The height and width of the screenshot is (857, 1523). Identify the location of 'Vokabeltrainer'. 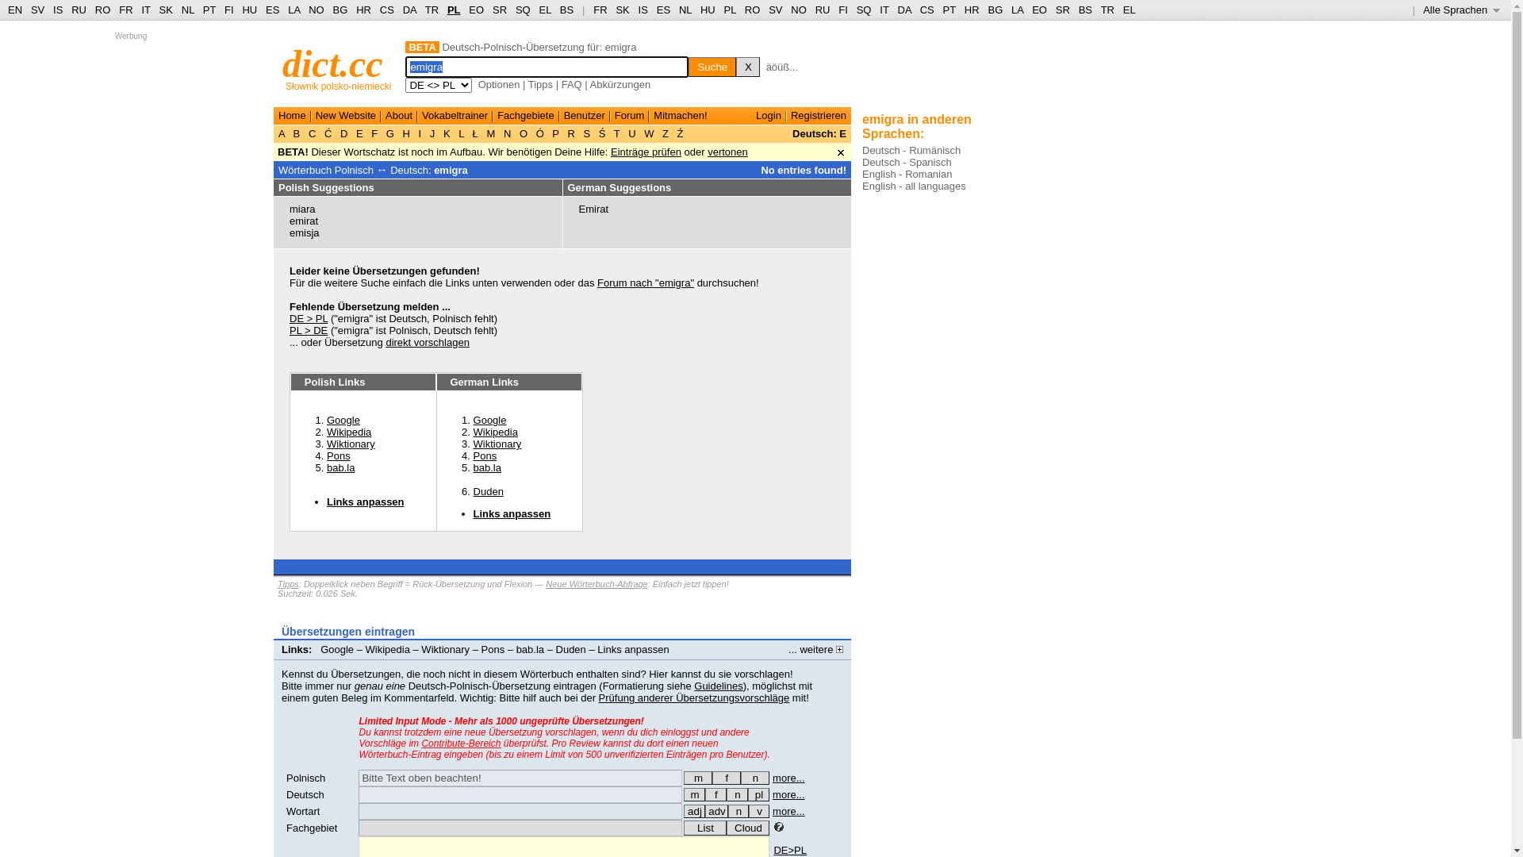
(454, 114).